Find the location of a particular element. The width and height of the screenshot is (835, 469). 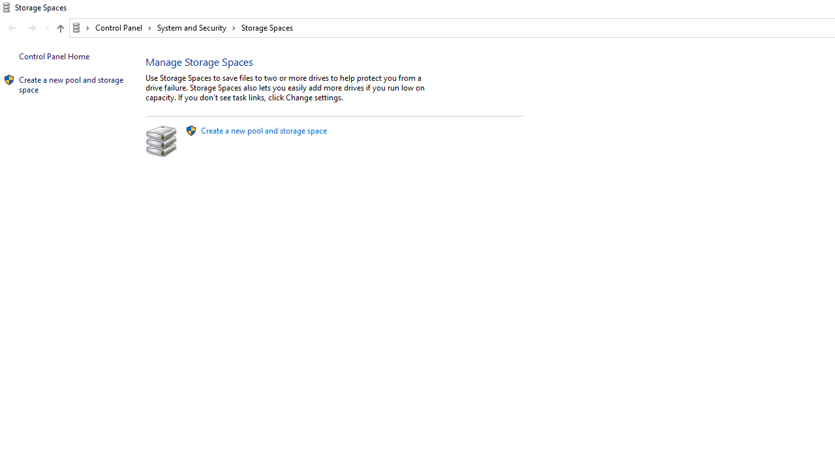

'Up band toolbar' is located at coordinates (59, 29).